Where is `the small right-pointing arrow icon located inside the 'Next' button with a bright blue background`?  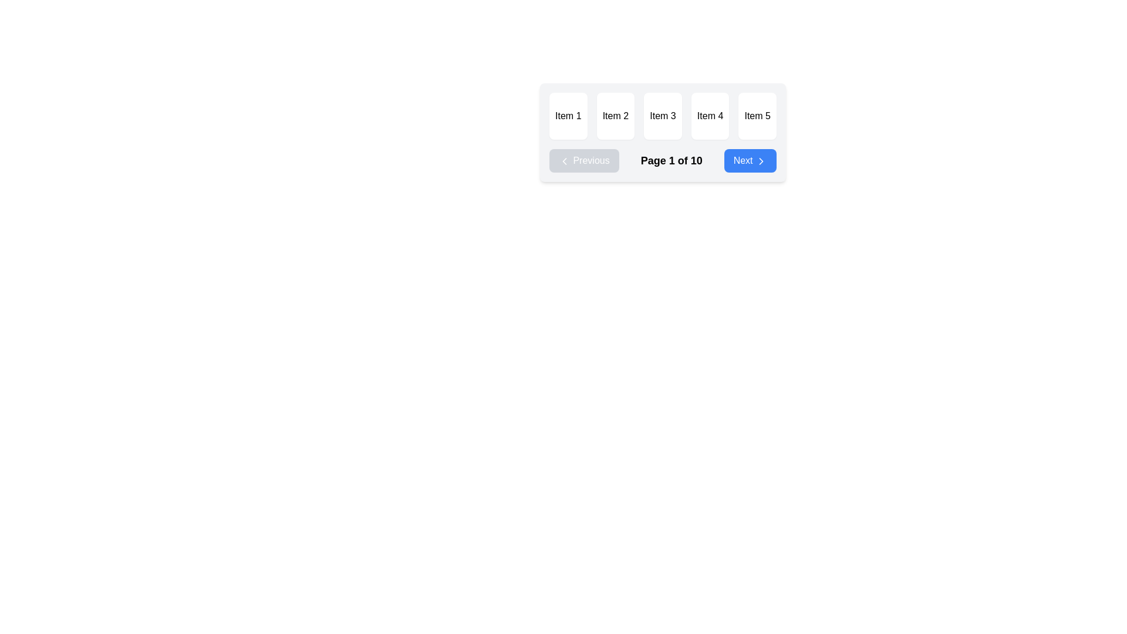 the small right-pointing arrow icon located inside the 'Next' button with a bright blue background is located at coordinates (761, 160).